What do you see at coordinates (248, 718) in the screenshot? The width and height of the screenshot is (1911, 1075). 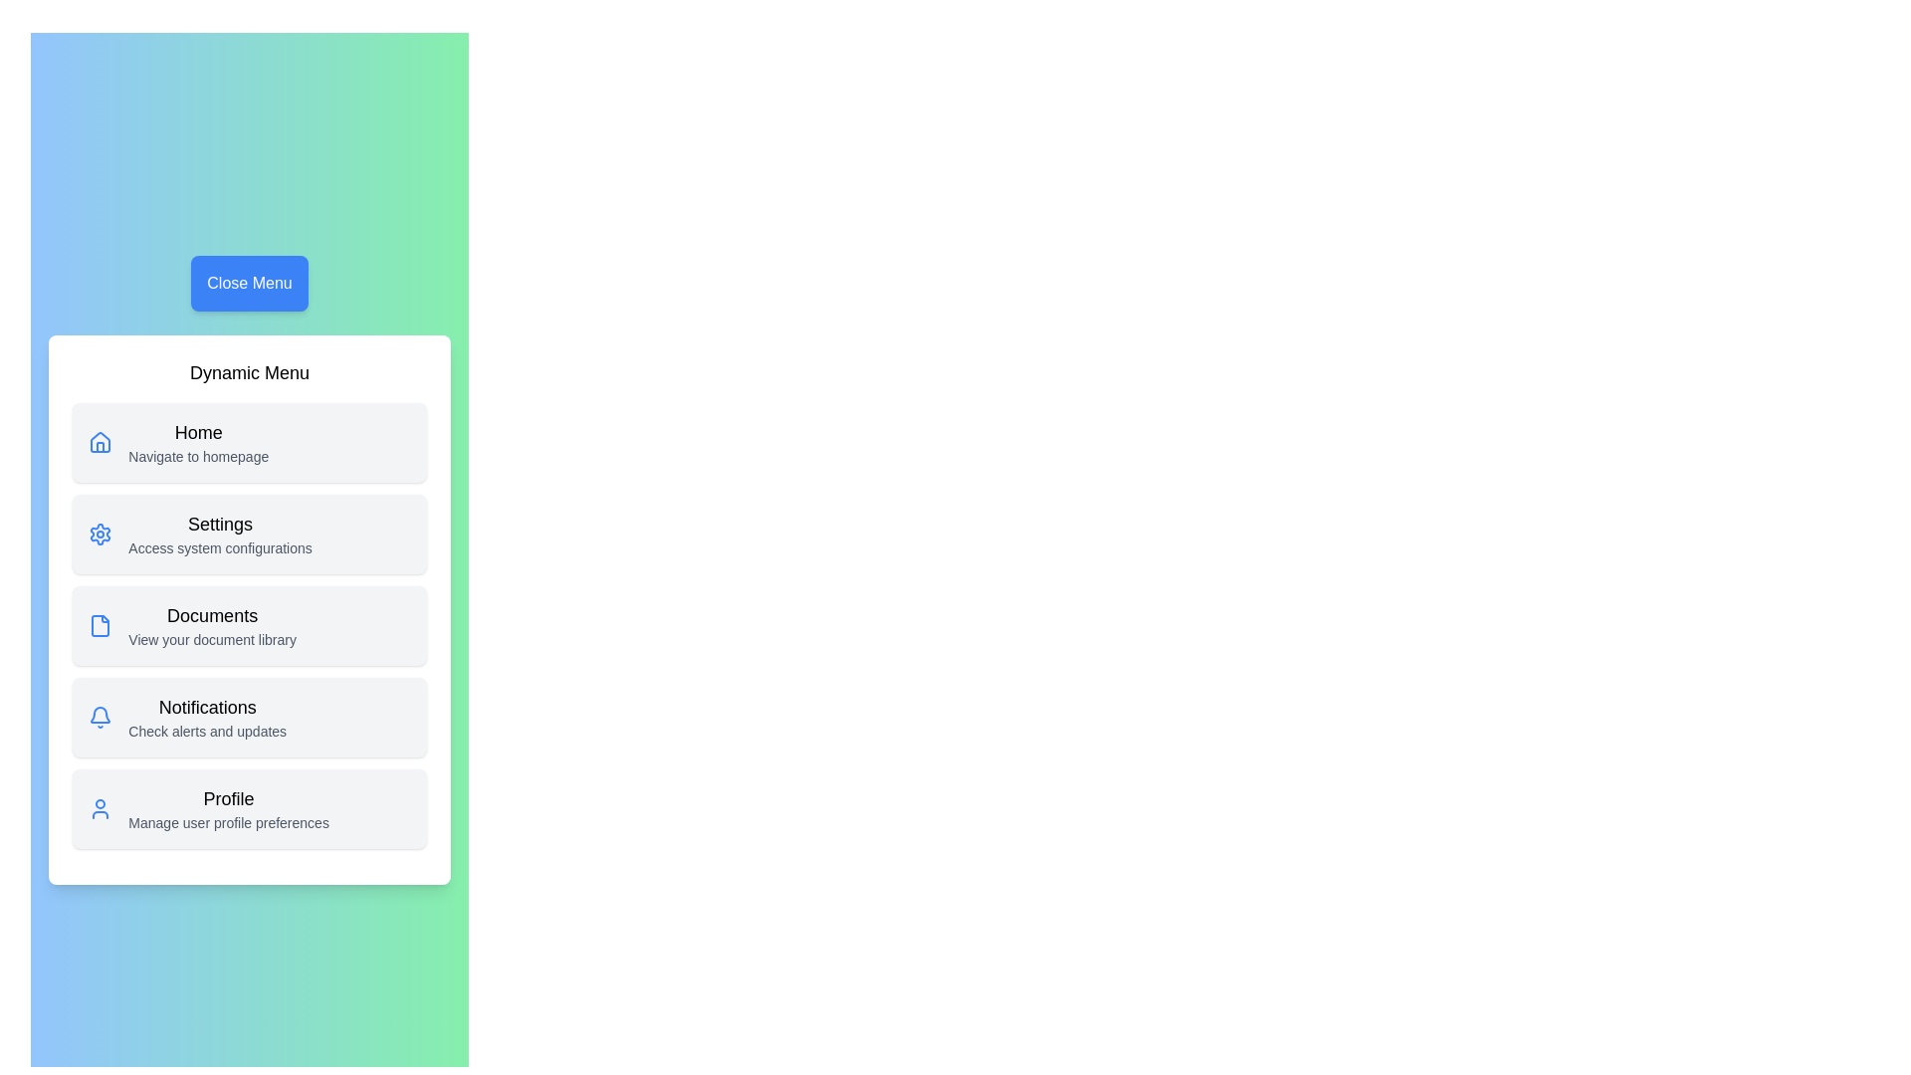 I see `the menu item corresponding to Notifications` at bounding box center [248, 718].